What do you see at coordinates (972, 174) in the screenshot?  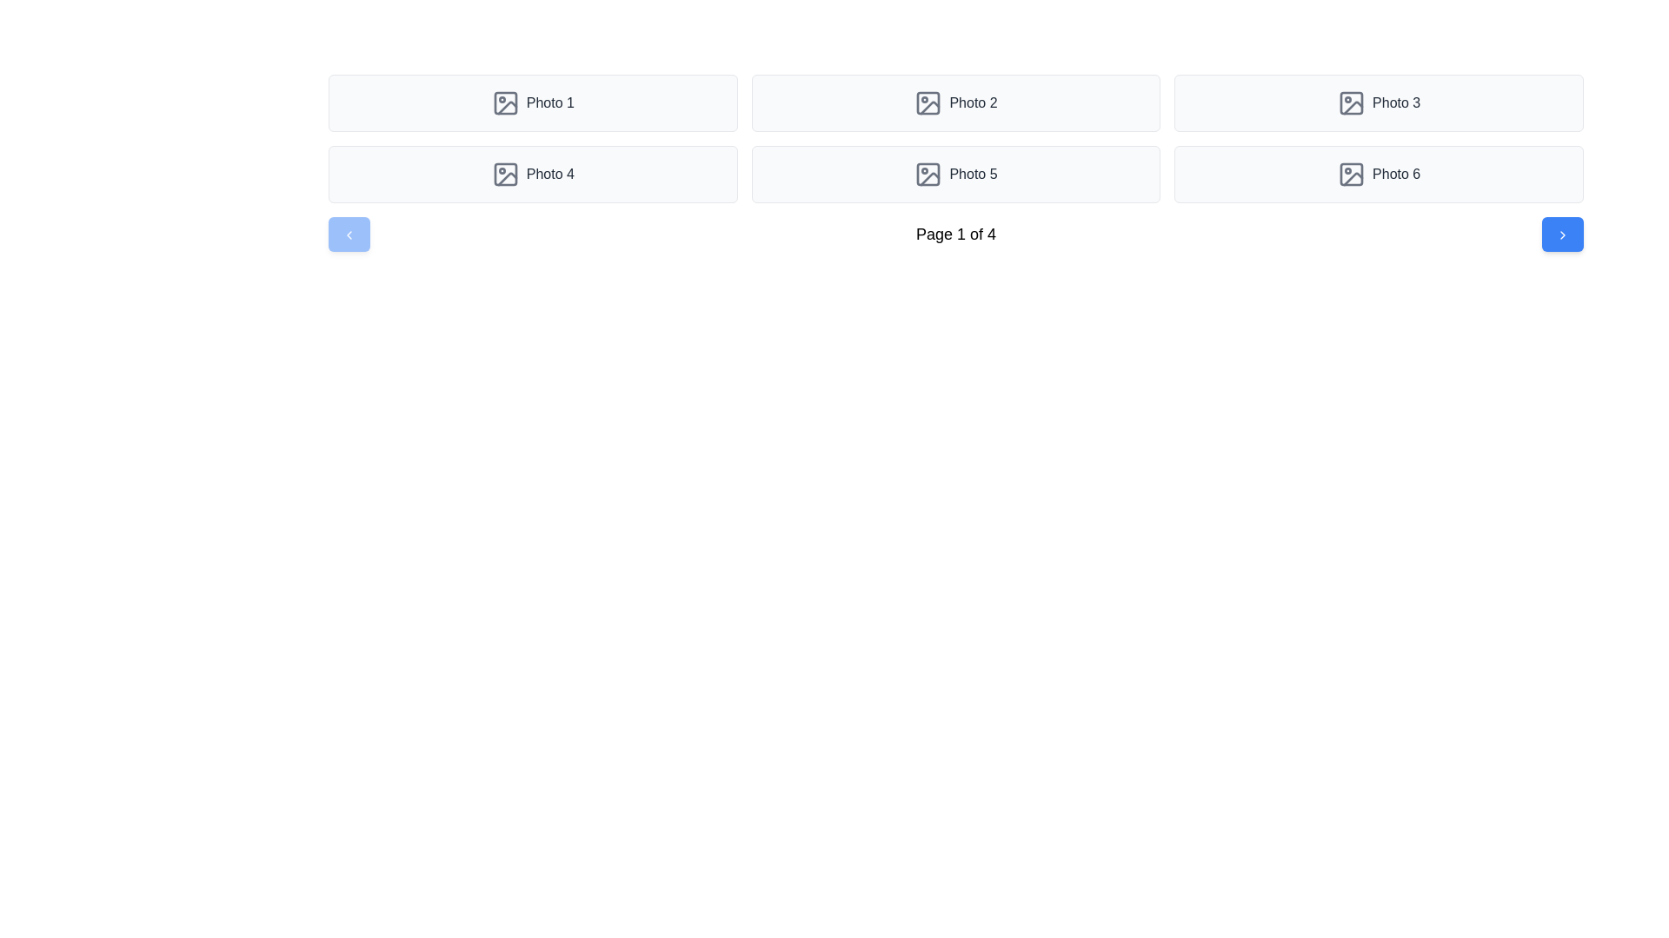 I see `text label displaying 'Photo 5' located in the second row, third column of the grid layout` at bounding box center [972, 174].